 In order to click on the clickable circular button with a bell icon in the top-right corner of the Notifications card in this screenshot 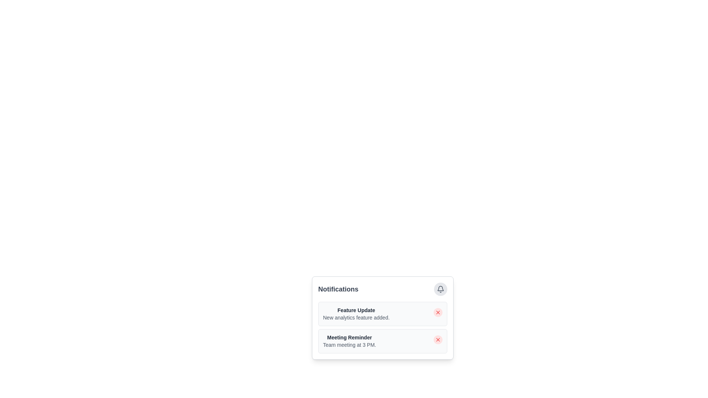, I will do `click(441, 289)`.